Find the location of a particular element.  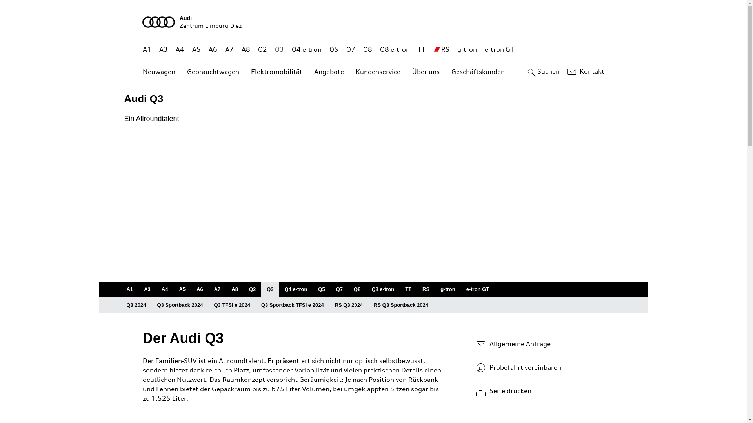

'Suchen' is located at coordinates (542, 71).